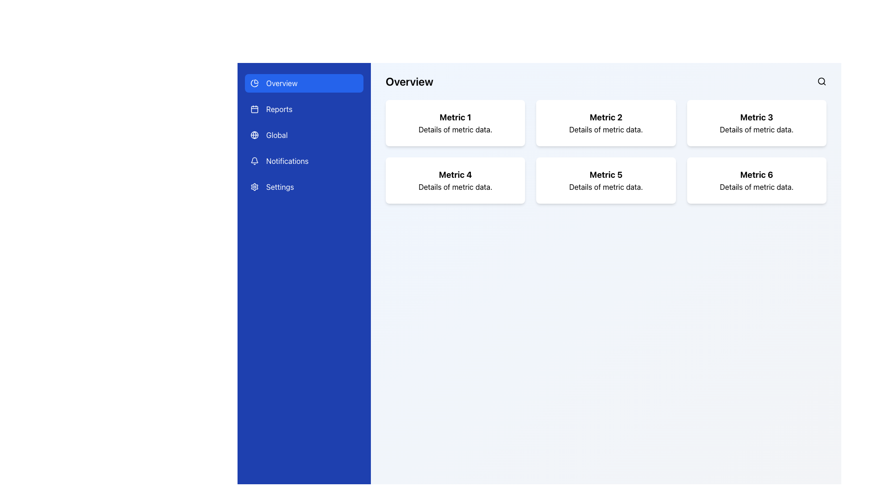 The width and height of the screenshot is (889, 500). Describe the element at coordinates (455, 117) in the screenshot. I see `text label that serves as the header for the first top-left metric card in the grid layout` at that location.